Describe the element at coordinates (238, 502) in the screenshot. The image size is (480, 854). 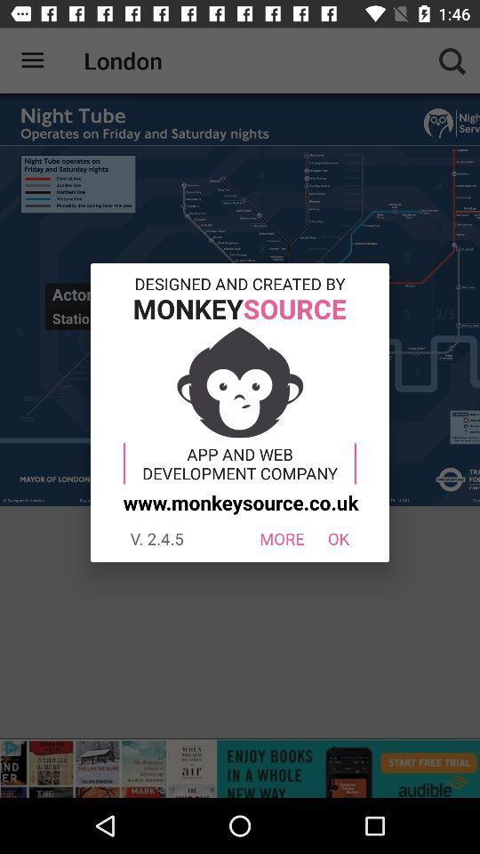
I see `the icon above v 2 4` at that location.